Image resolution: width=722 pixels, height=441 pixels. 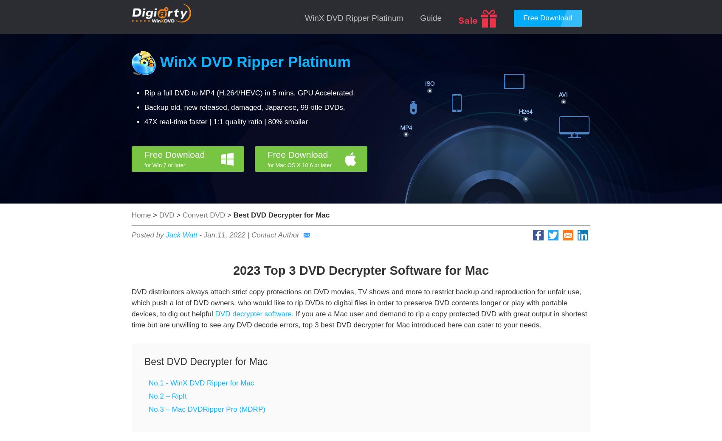 I want to click on 'Jack Watt', so click(x=165, y=234).